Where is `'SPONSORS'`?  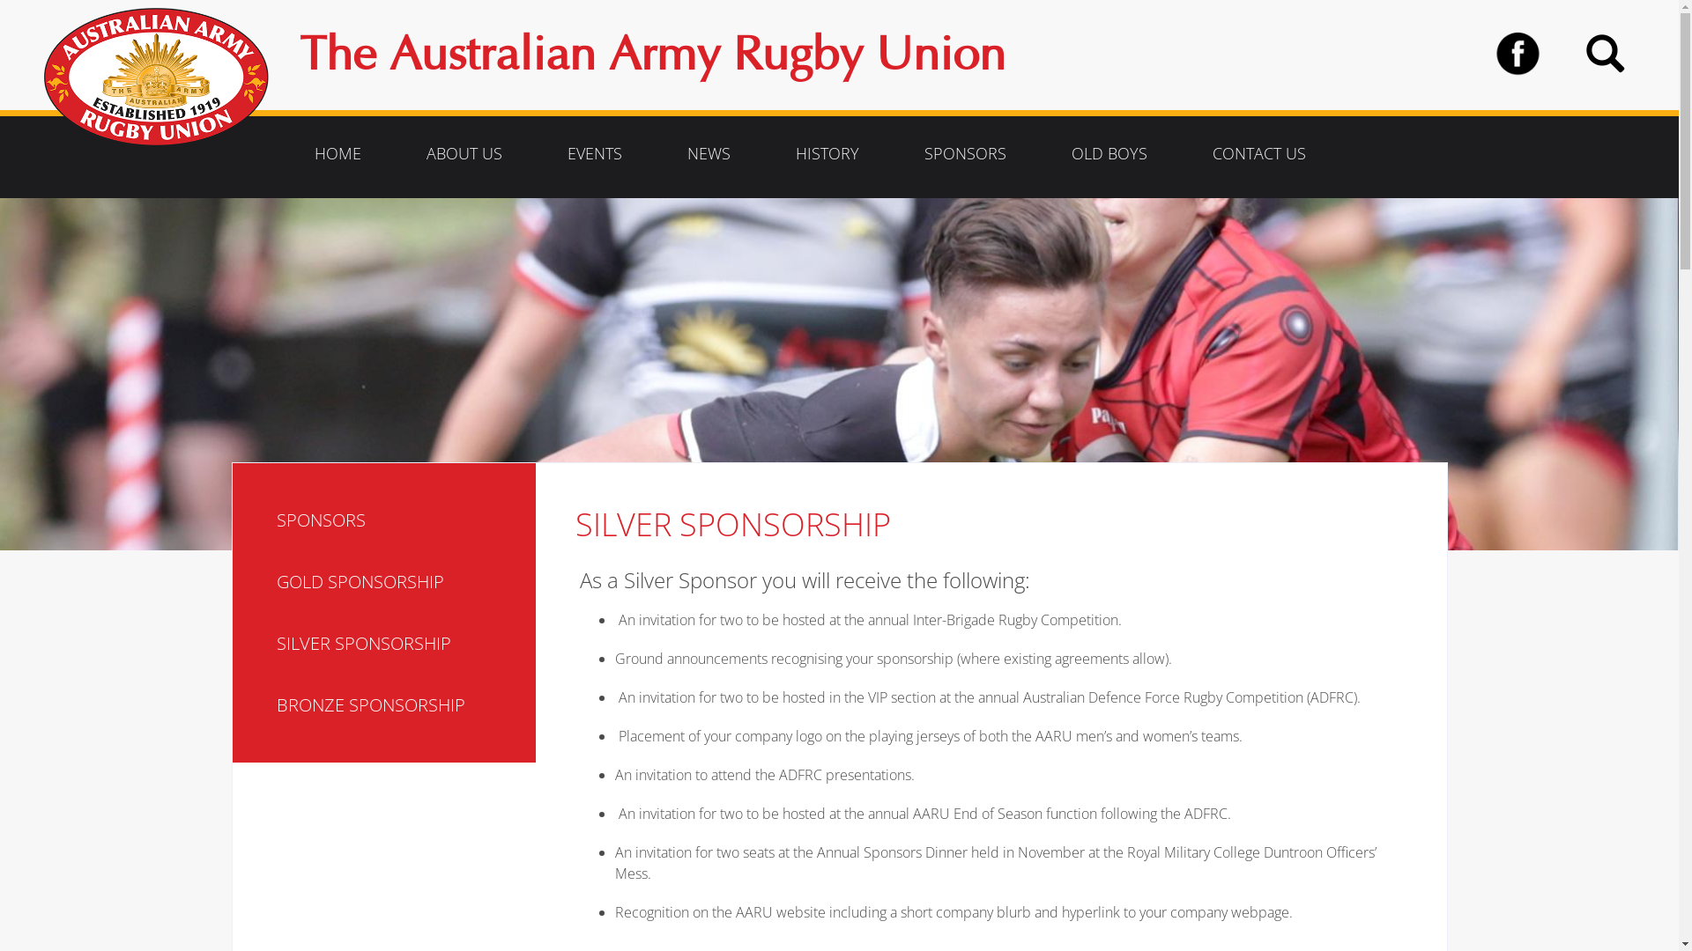
'SPONSORS' is located at coordinates (964, 151).